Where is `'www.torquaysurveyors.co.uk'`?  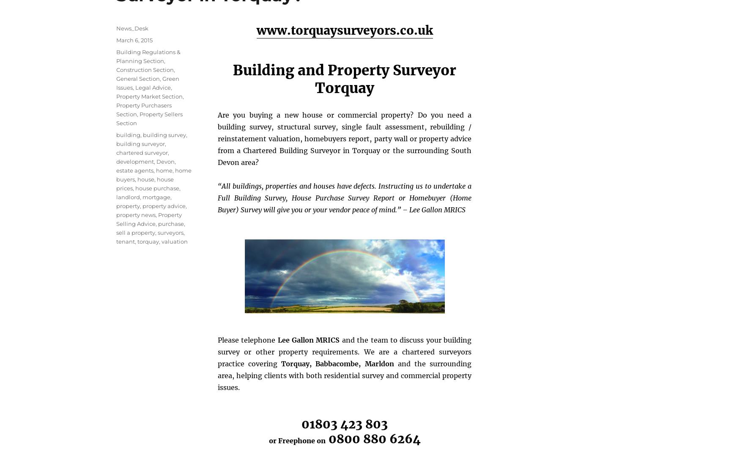
'www.torquaysurveyors.co.uk' is located at coordinates (344, 30).